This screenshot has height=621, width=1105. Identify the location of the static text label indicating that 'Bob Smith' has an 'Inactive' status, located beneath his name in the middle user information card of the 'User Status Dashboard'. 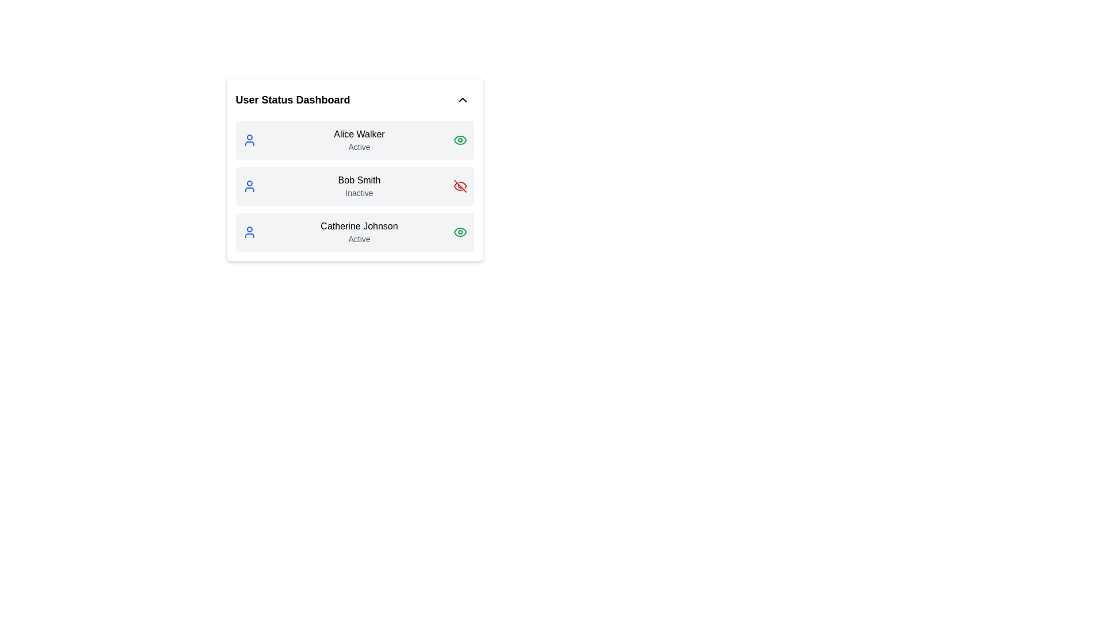
(359, 192).